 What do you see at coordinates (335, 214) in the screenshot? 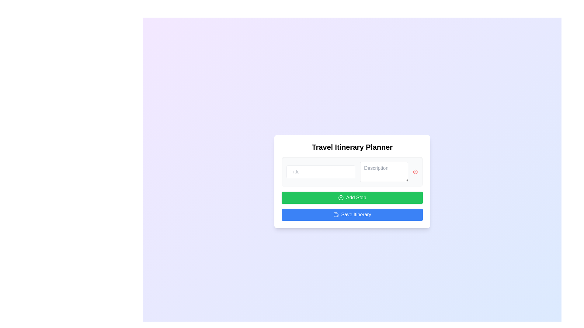
I see `the save disk icon, which is styled with a blue background and white lines, located to the left of the 'Save Itinerary' text within the blue button` at bounding box center [335, 214].